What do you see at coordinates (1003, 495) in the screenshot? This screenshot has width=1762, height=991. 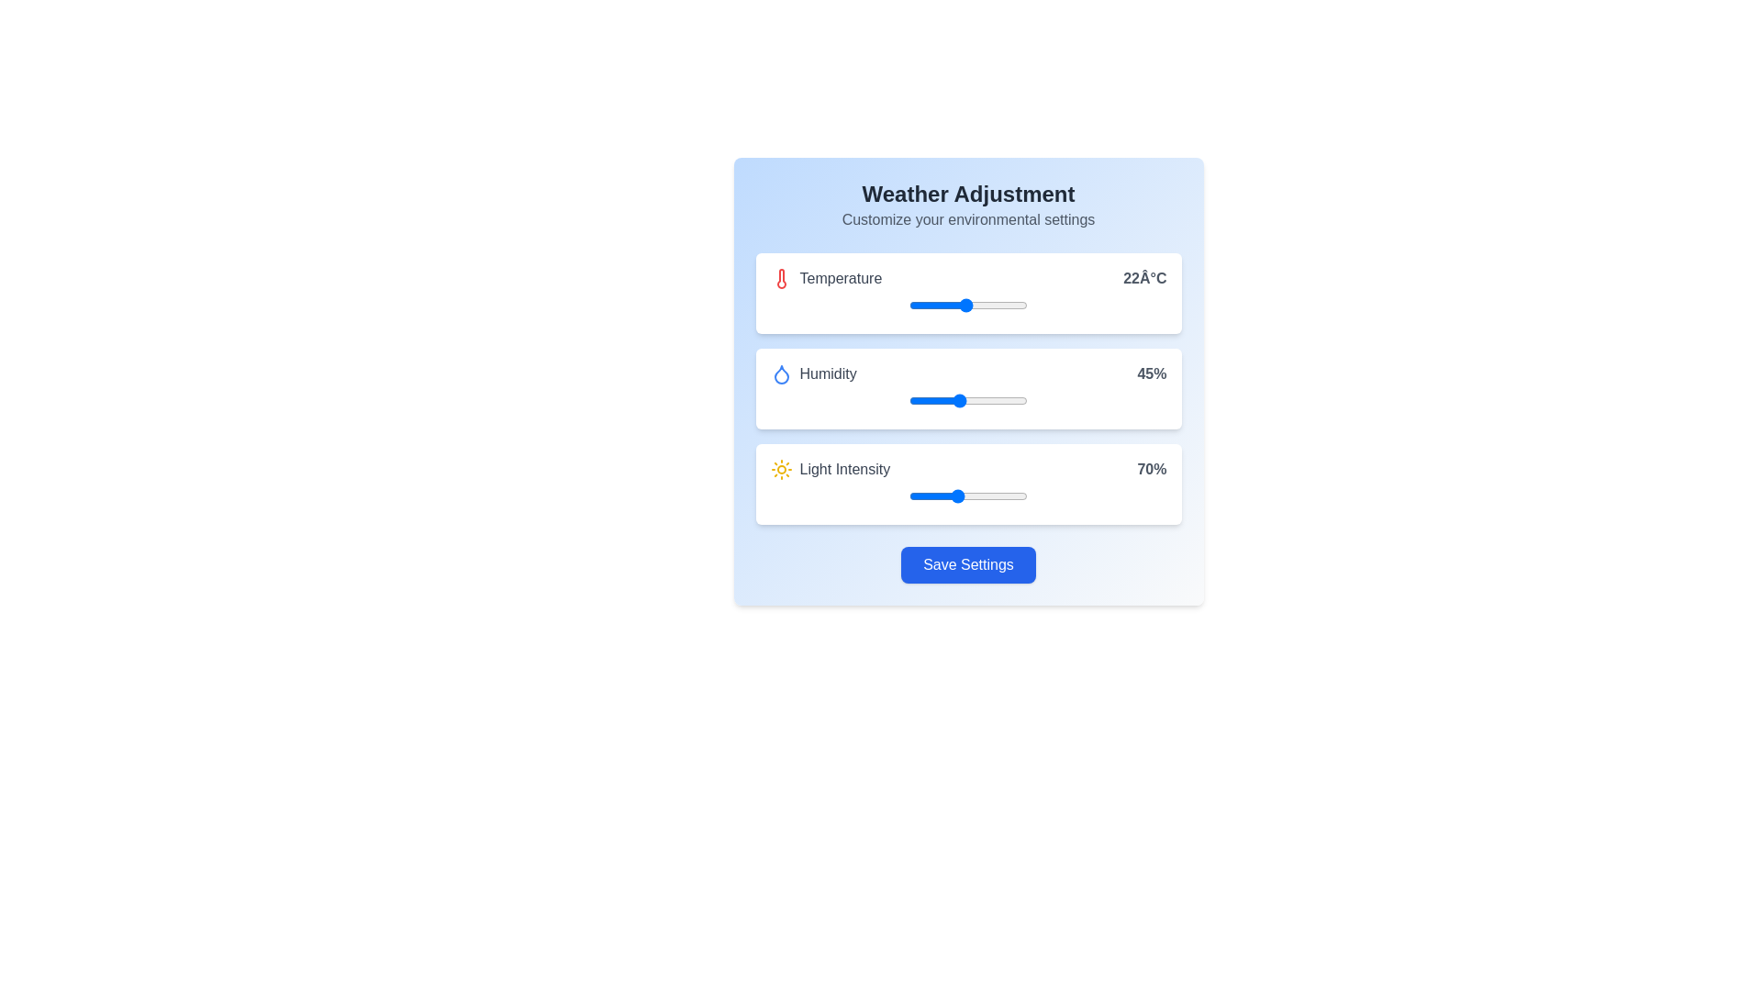 I see `the light intensity` at bounding box center [1003, 495].